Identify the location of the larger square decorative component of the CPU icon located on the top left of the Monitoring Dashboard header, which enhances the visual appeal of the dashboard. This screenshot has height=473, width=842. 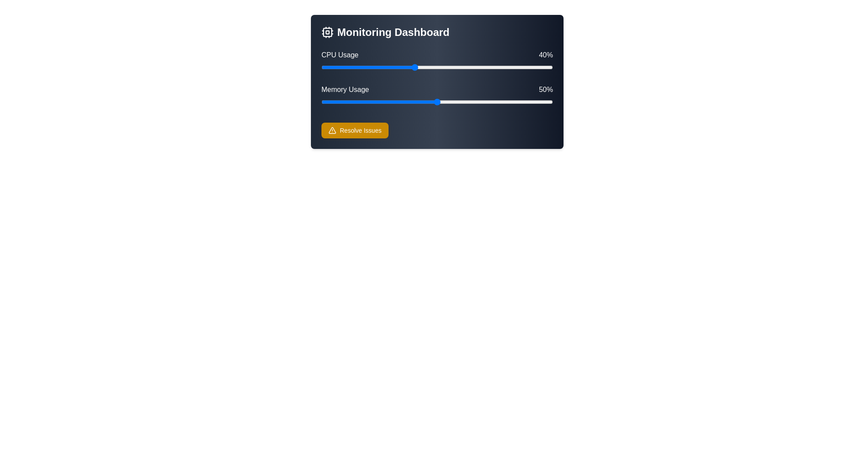
(327, 32).